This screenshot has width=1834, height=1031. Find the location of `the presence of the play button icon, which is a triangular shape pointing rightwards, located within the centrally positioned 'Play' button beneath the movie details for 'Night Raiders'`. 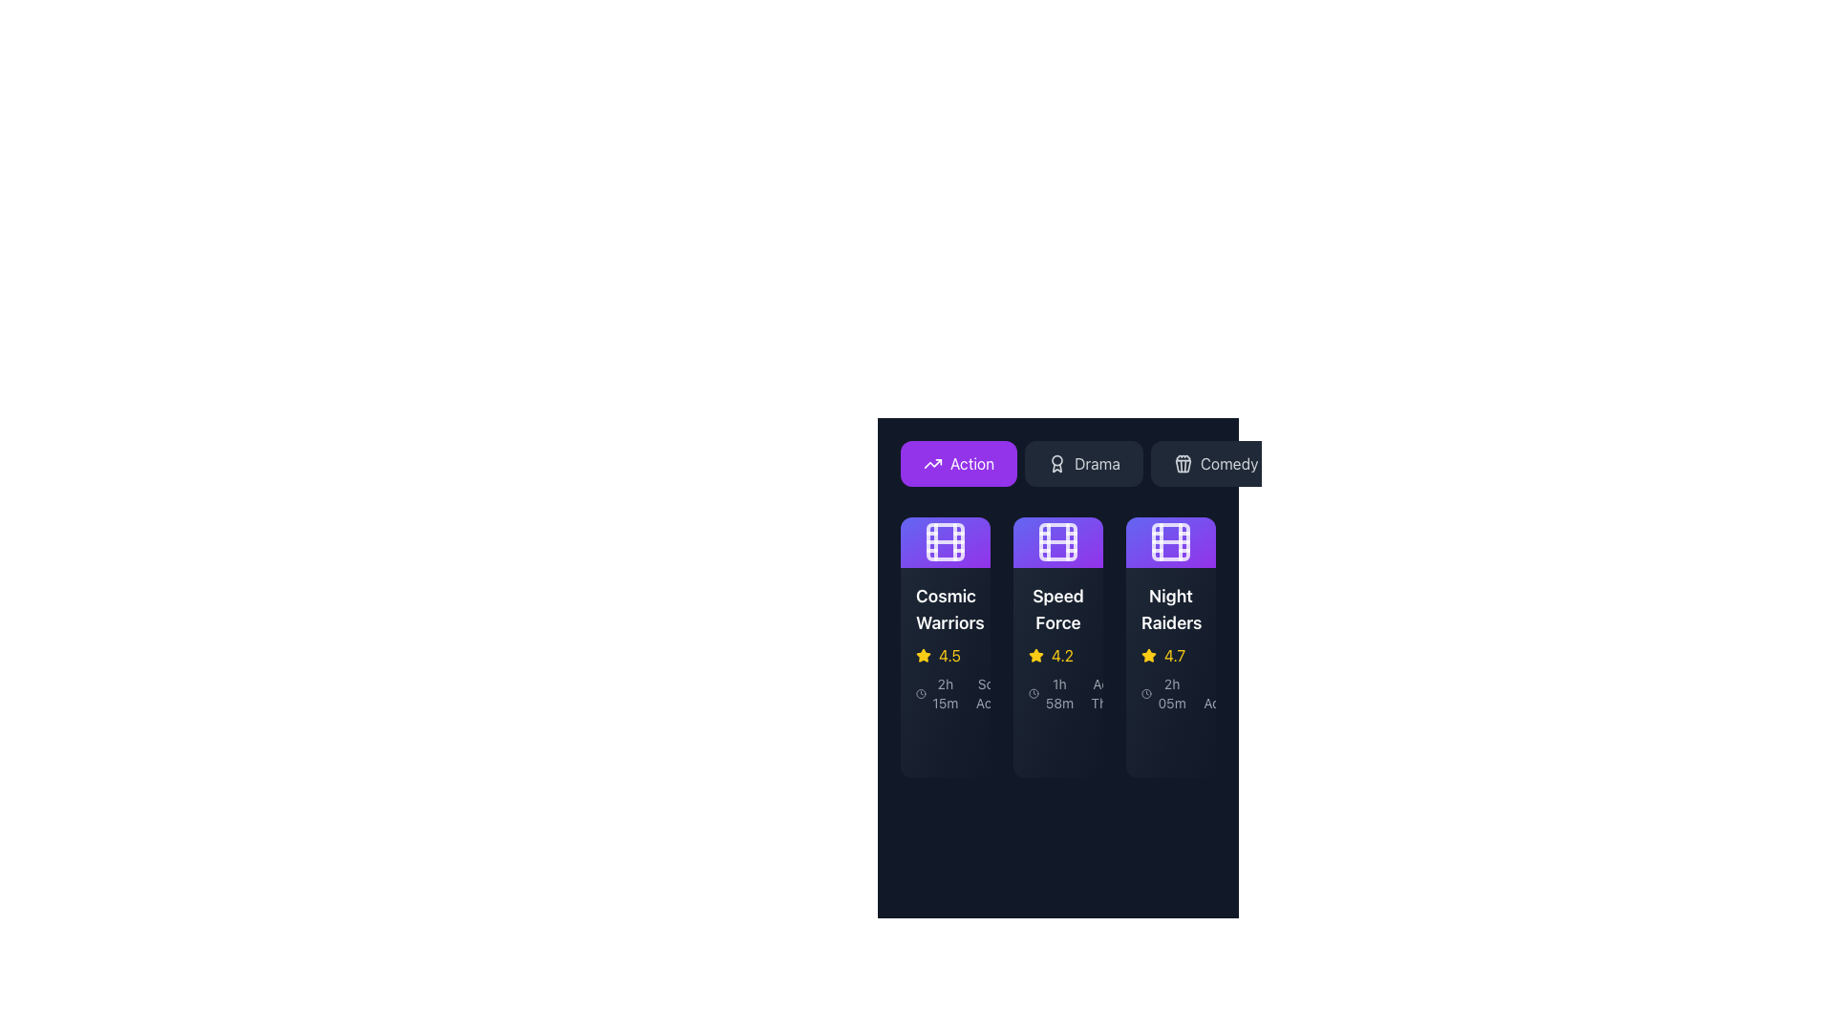

the presence of the play button icon, which is a triangular shape pointing rightwards, located within the centrally positioned 'Play' button beneath the movie details for 'Night Raiders' is located at coordinates (1163, 742).